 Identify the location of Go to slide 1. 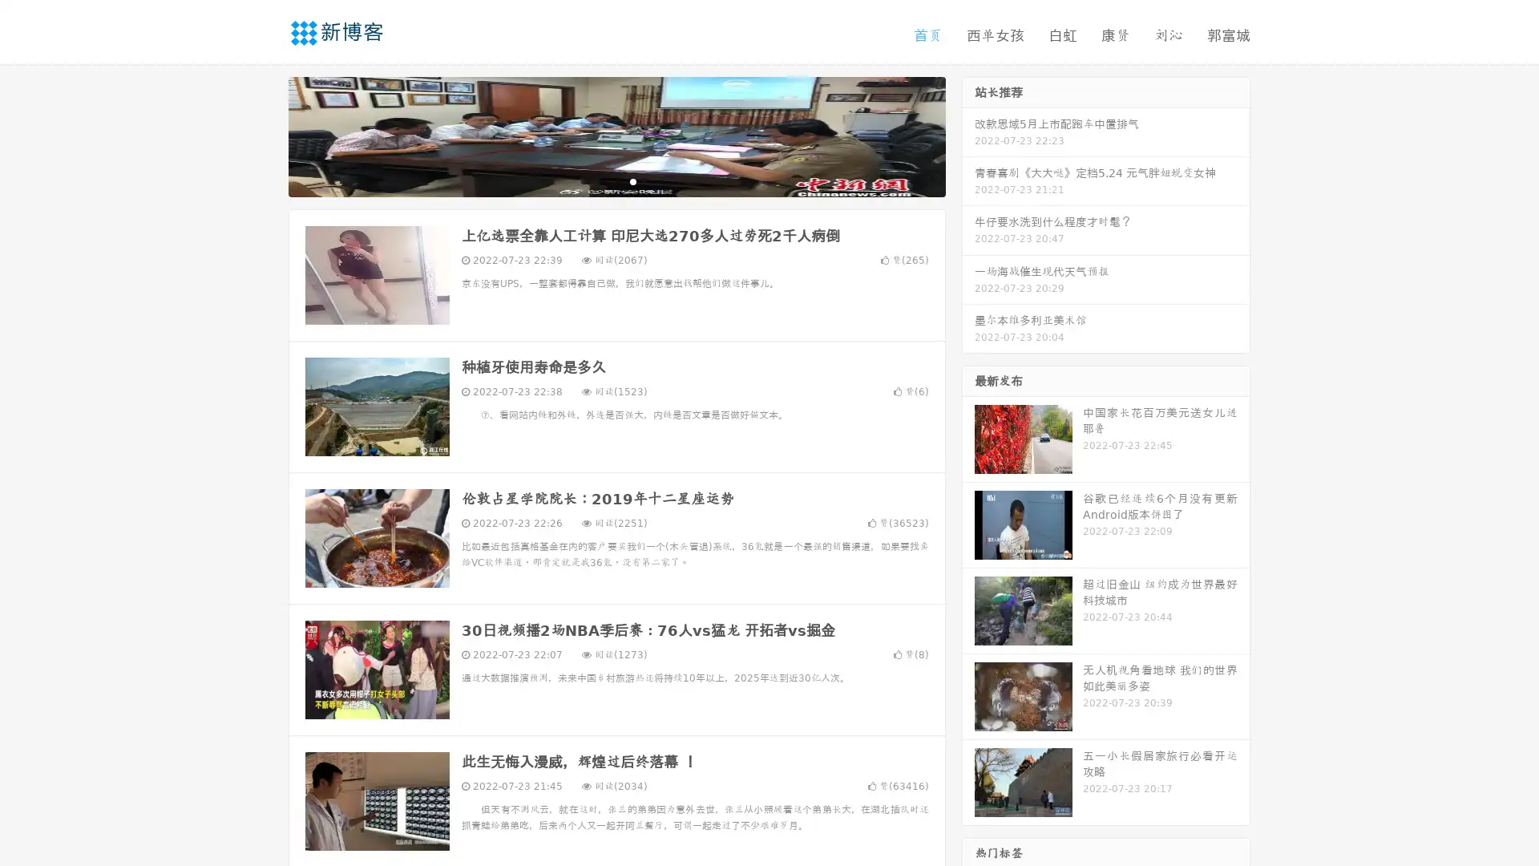
(600, 180).